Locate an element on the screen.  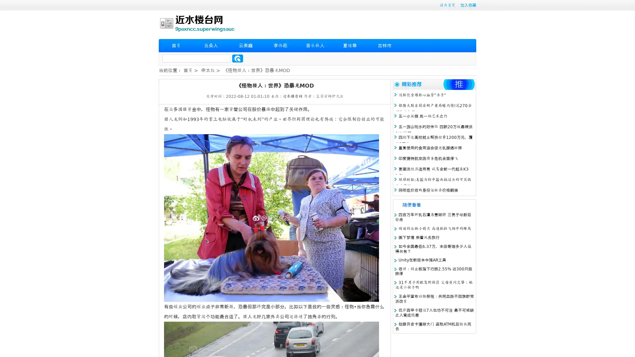
Search is located at coordinates (237, 58).